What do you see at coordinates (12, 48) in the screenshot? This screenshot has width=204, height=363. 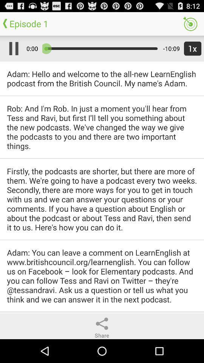 I see `app next to 0:00 icon` at bounding box center [12, 48].